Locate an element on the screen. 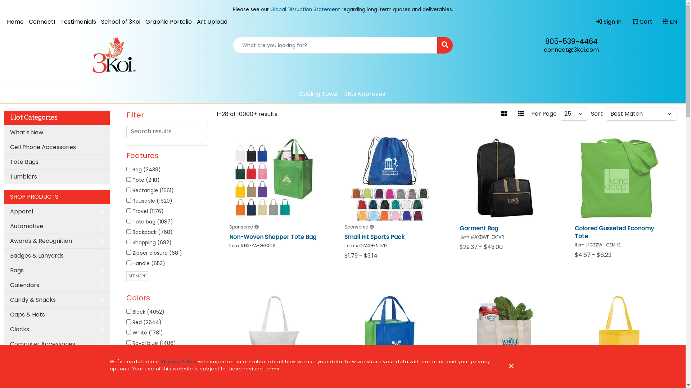  'Privacy Policy' is located at coordinates (179, 361).